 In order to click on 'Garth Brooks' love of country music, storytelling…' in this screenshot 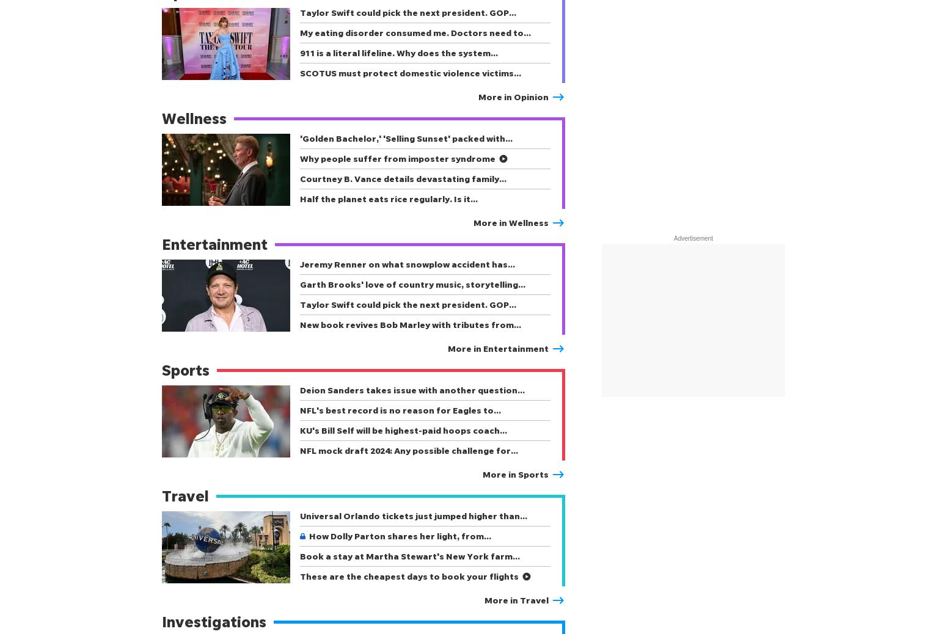, I will do `click(412, 284)`.